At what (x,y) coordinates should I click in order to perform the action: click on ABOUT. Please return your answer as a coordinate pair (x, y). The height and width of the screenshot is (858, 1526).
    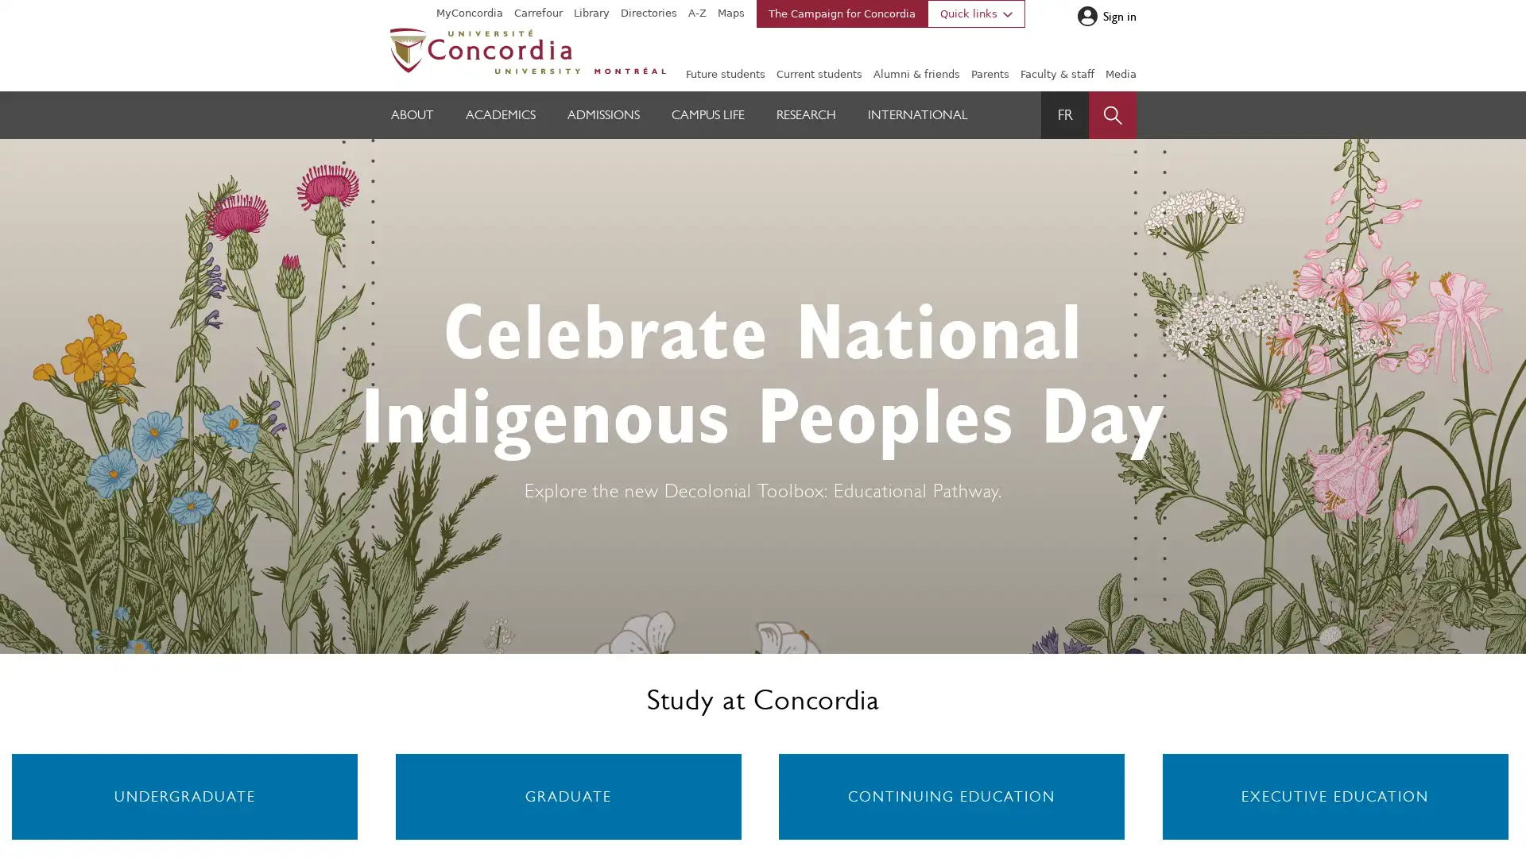
    Looking at the image, I should click on (412, 114).